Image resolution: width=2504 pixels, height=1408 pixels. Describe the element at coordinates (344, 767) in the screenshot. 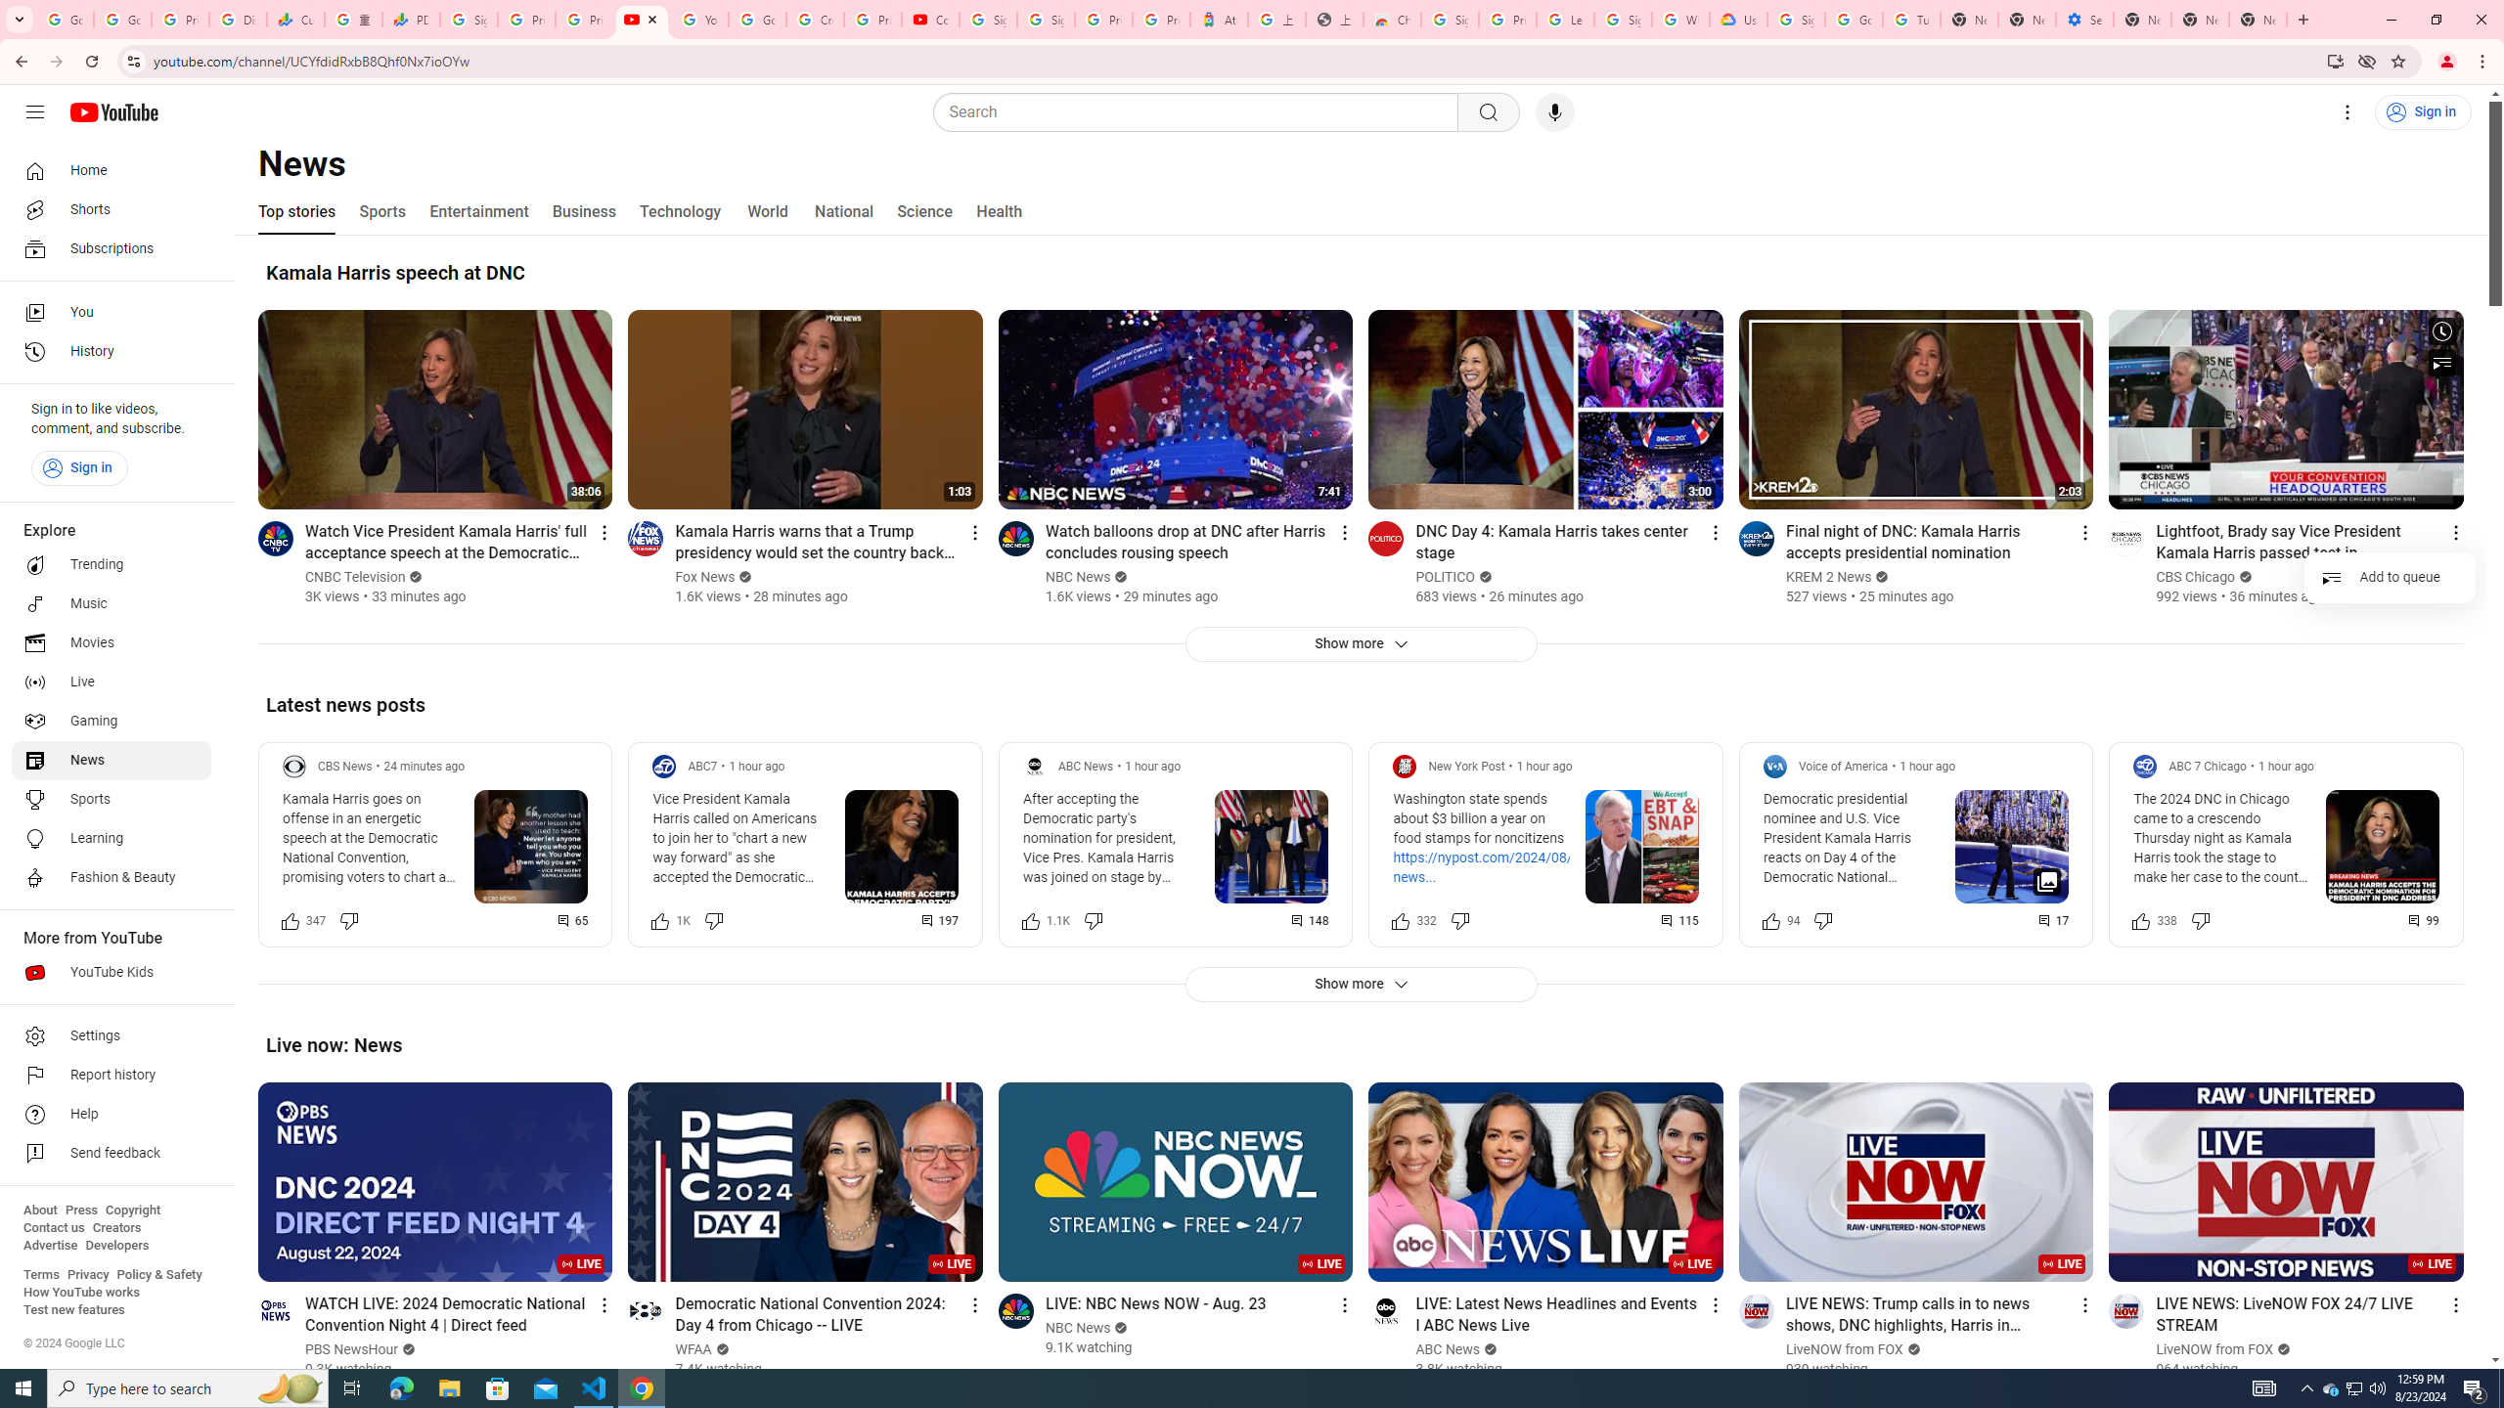

I see `'CBS News'` at that location.